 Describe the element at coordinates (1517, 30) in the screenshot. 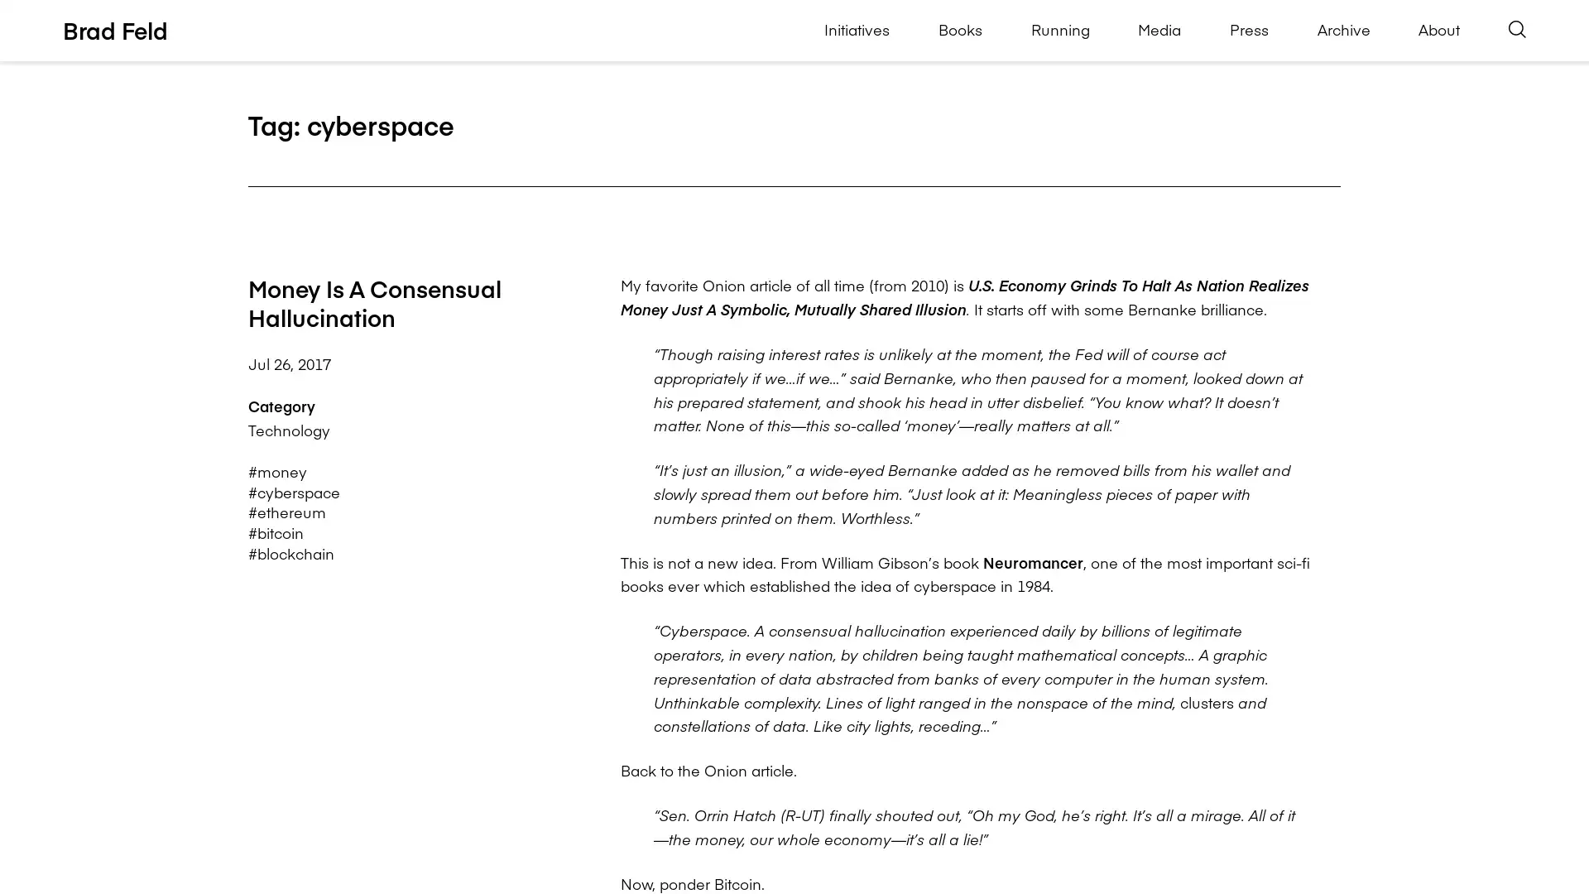

I see `Open Search` at that location.